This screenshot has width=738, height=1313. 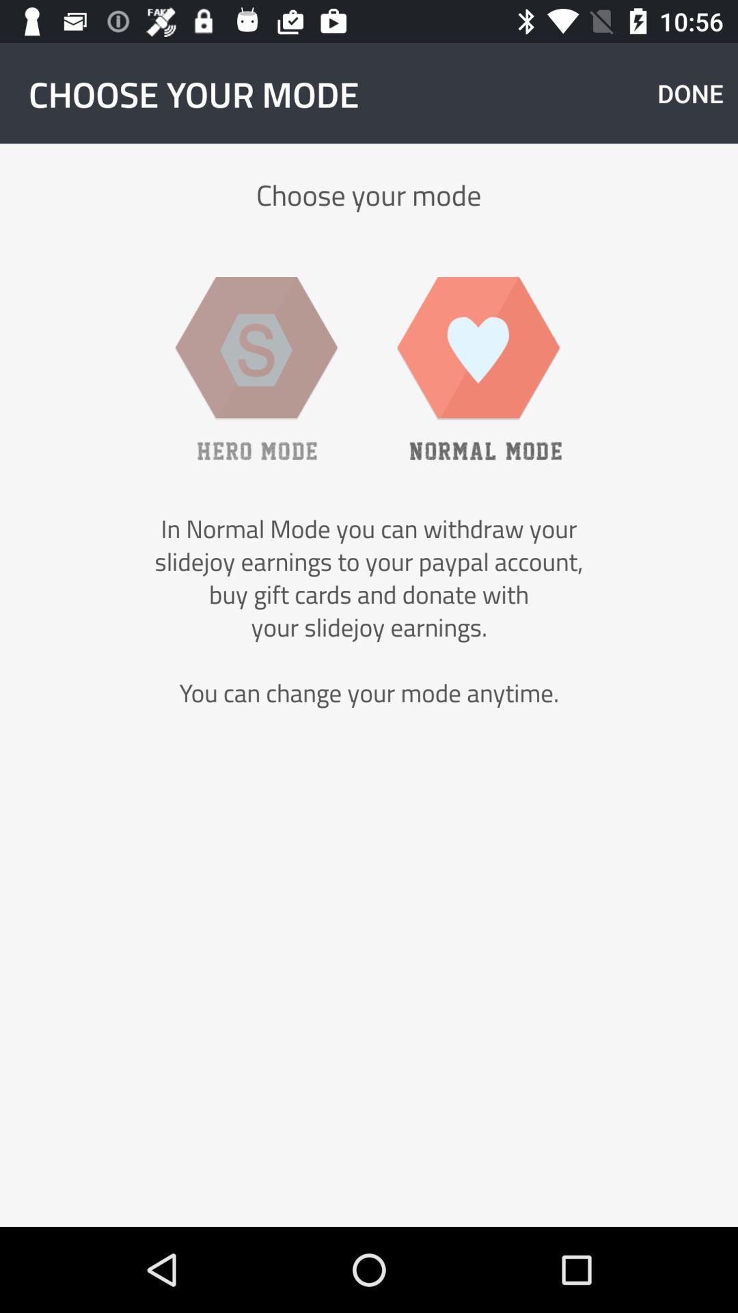 What do you see at coordinates (256, 368) in the screenshot?
I see `choose hero mode` at bounding box center [256, 368].